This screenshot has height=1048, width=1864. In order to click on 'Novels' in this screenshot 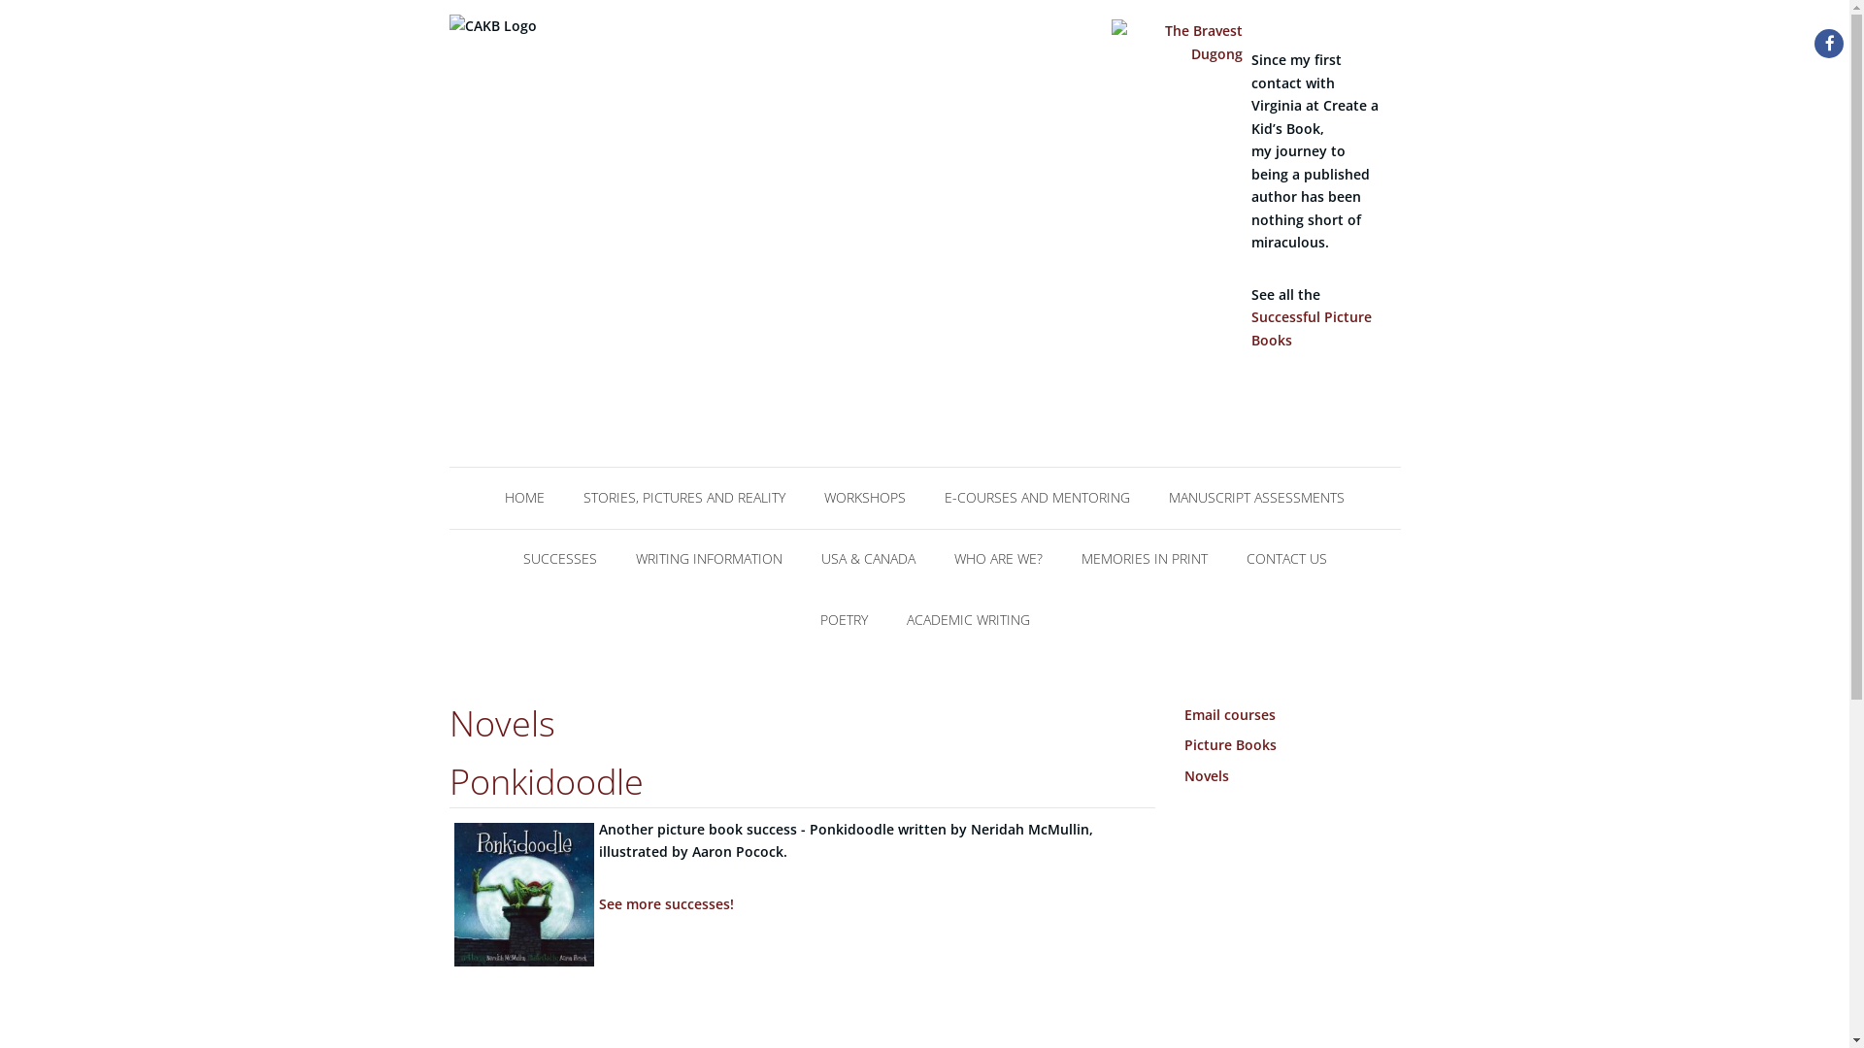, I will do `click(1206, 774)`.